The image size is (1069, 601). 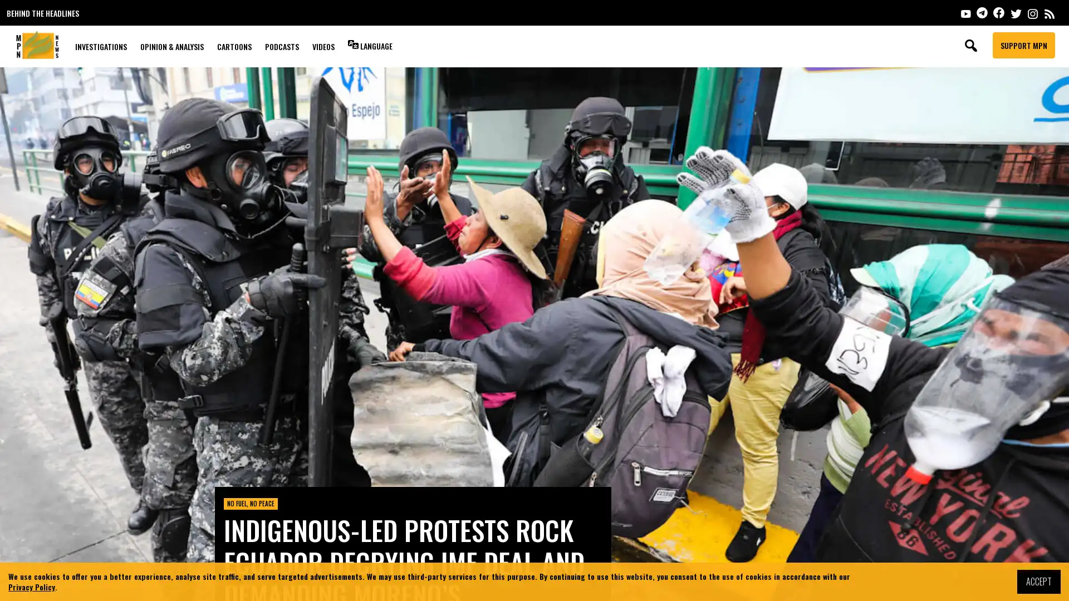 What do you see at coordinates (1038, 581) in the screenshot?
I see `ACCEPT` at bounding box center [1038, 581].